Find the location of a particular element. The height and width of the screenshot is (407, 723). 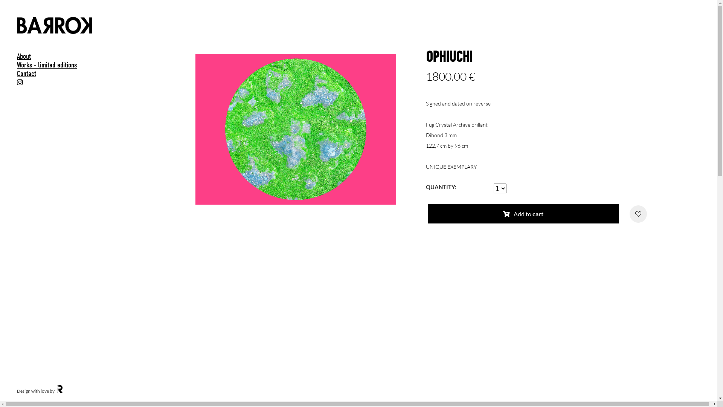

'Contact' is located at coordinates (54, 73).